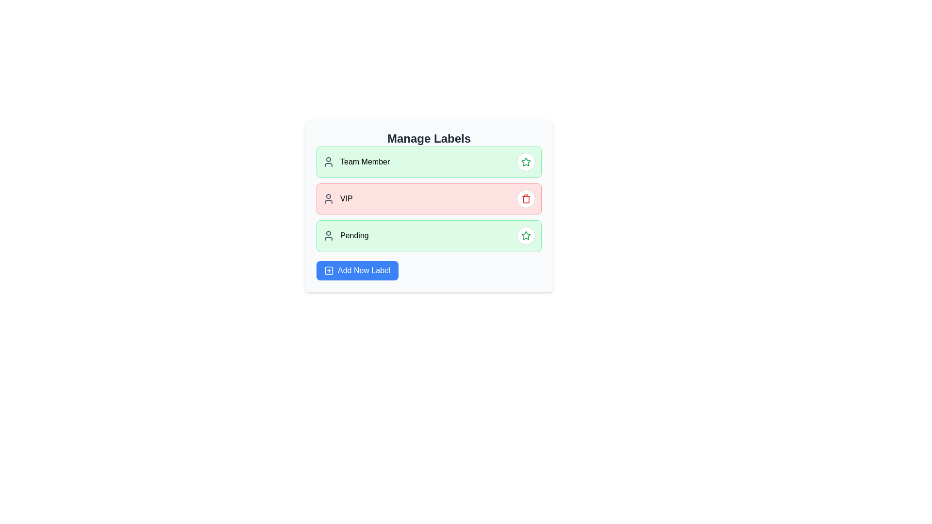  What do you see at coordinates (526, 235) in the screenshot?
I see `the star-shaped vector icon with a green border located at the top entry of the 'Manage Labels' dialog, adjacent to the 'Team Member' row for reference` at bounding box center [526, 235].